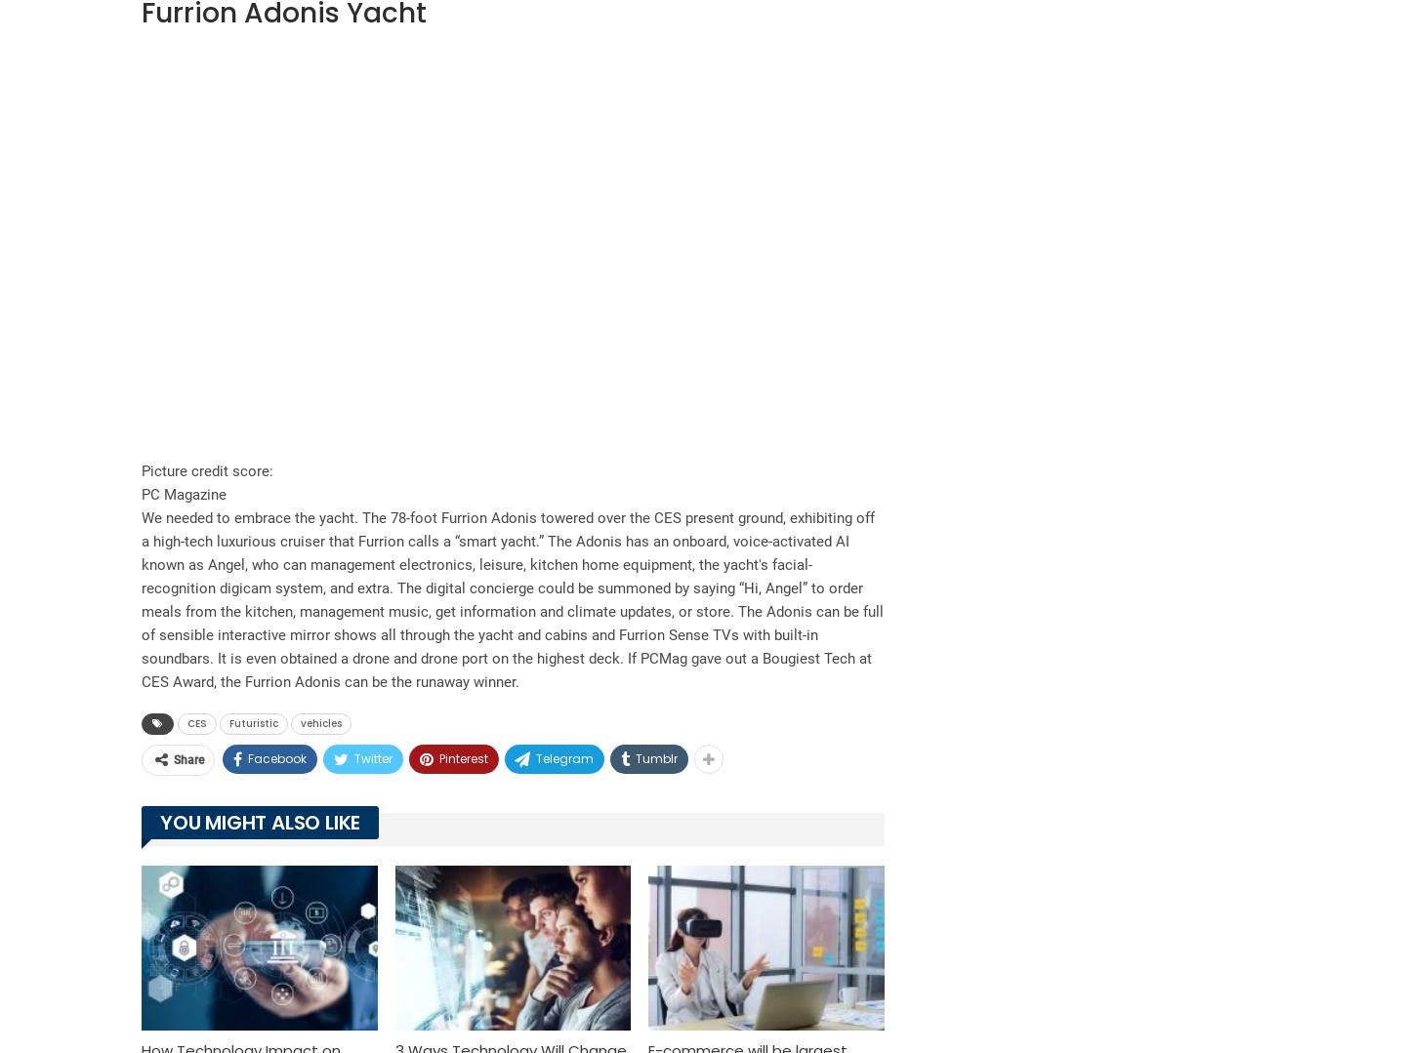 The height and width of the screenshot is (1053, 1406). I want to click on 'vehicles', so click(321, 721).